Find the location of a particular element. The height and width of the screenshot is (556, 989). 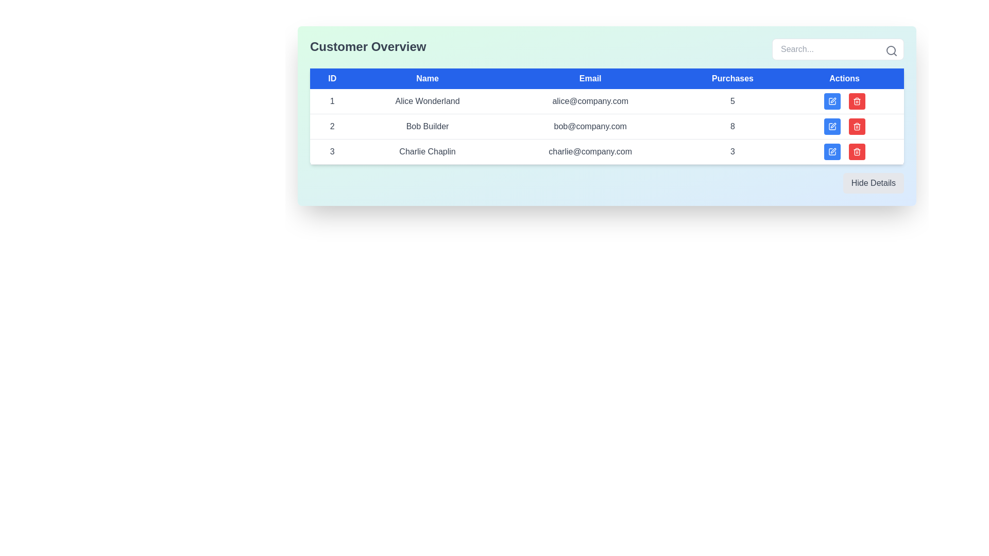

the pen icon in the third row of the 'Actions' column to initiate edit for 'Charlie Chaplin' is located at coordinates (832, 151).